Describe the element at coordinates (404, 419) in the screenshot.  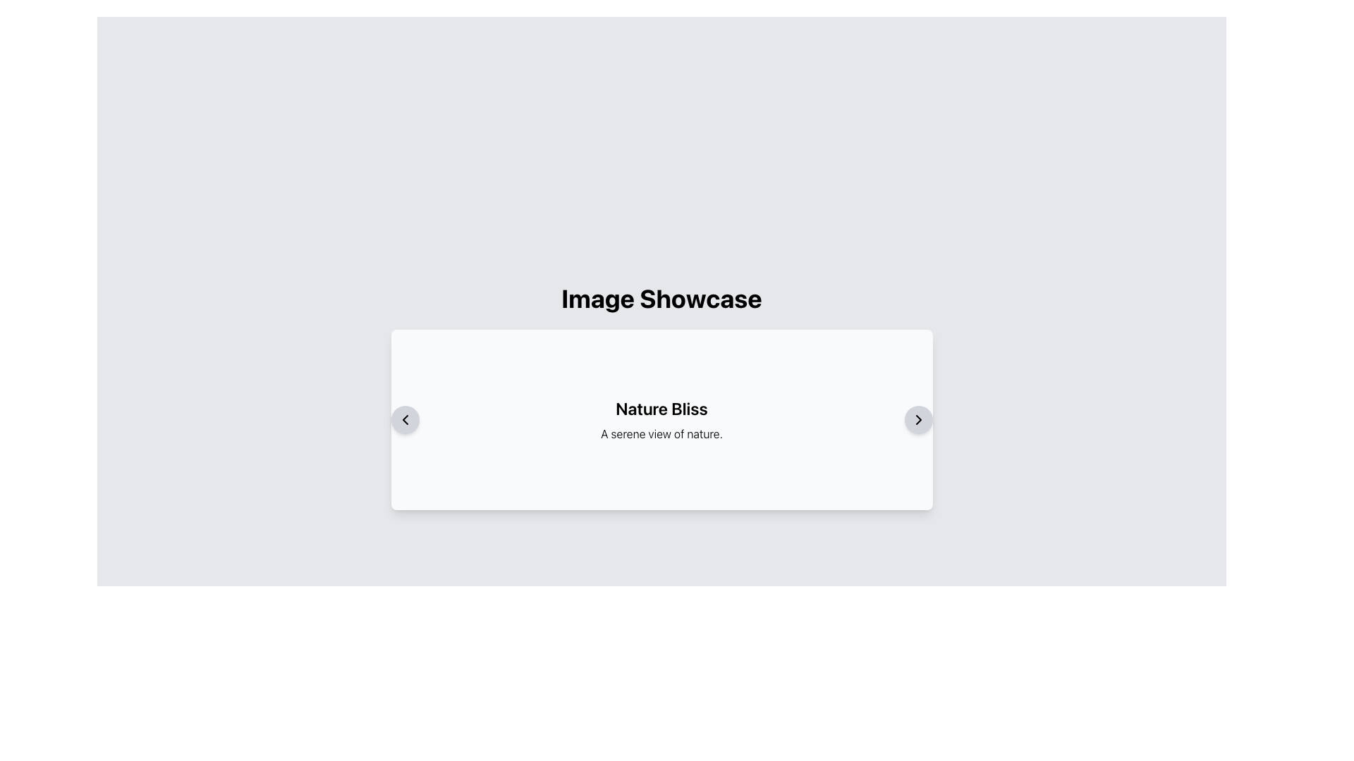
I see `the left arrow chevron icon located in the circular button on the left side of the card-like display` at that location.